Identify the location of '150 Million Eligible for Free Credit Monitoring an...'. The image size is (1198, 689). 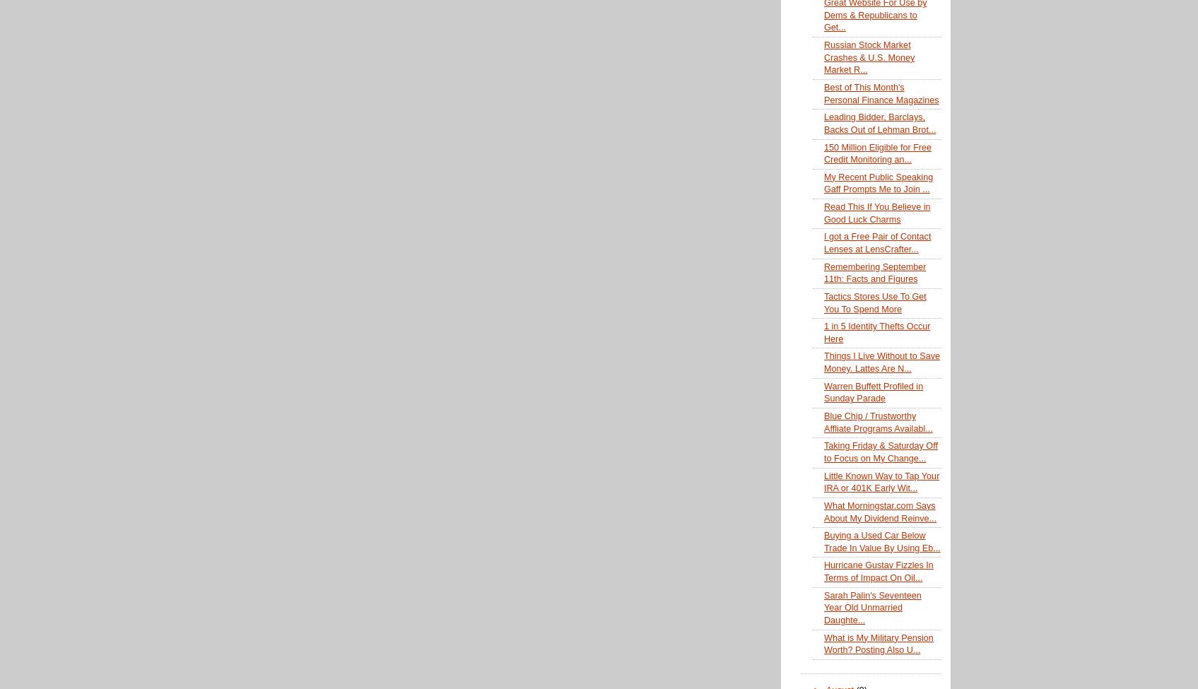
(823, 153).